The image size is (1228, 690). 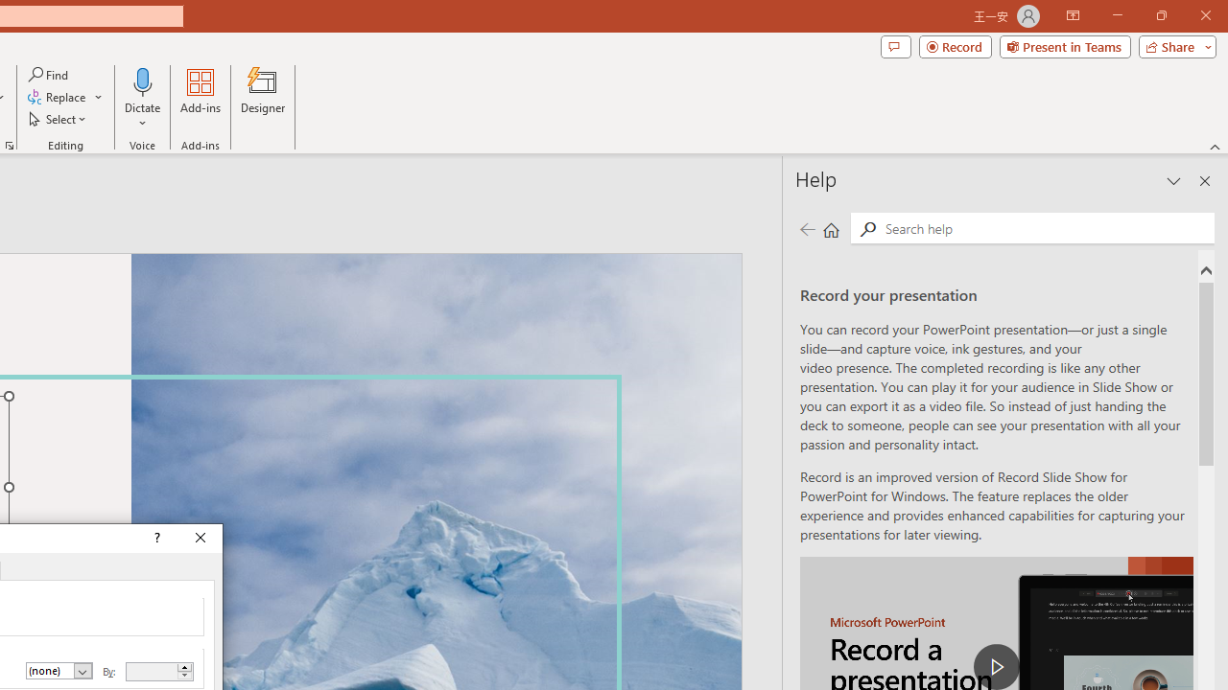 I want to click on 'Context help', so click(x=155, y=538).